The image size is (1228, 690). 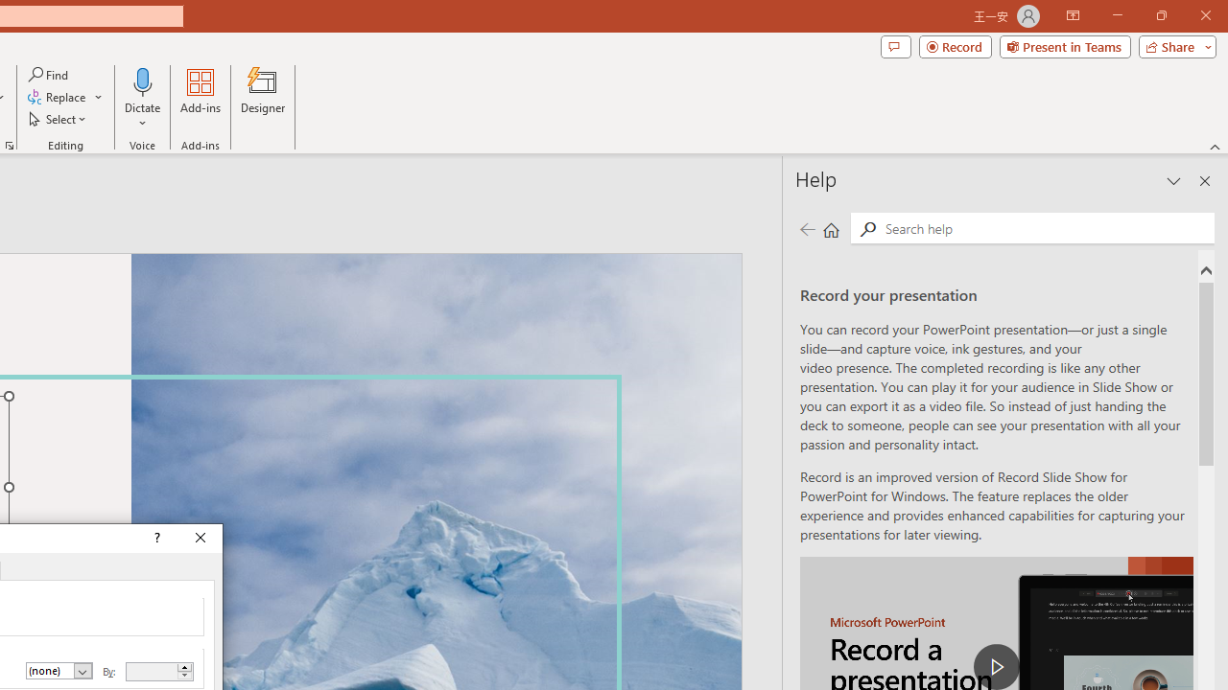 I want to click on 'Context help', so click(x=155, y=538).